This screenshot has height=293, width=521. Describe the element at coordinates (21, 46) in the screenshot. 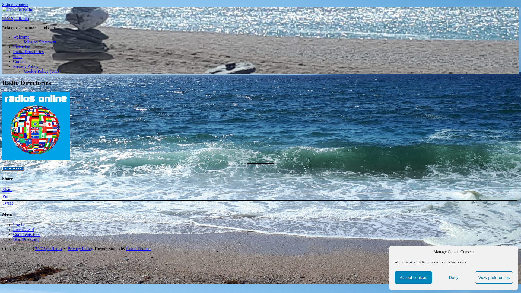

I see `'Licensing'` at that location.